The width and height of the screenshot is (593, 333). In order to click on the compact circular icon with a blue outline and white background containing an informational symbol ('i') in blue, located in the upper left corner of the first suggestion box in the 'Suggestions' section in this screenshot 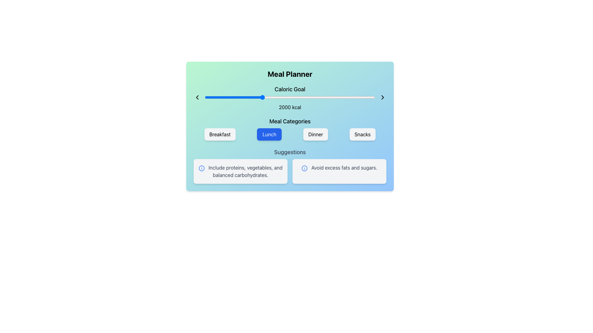, I will do `click(202, 168)`.